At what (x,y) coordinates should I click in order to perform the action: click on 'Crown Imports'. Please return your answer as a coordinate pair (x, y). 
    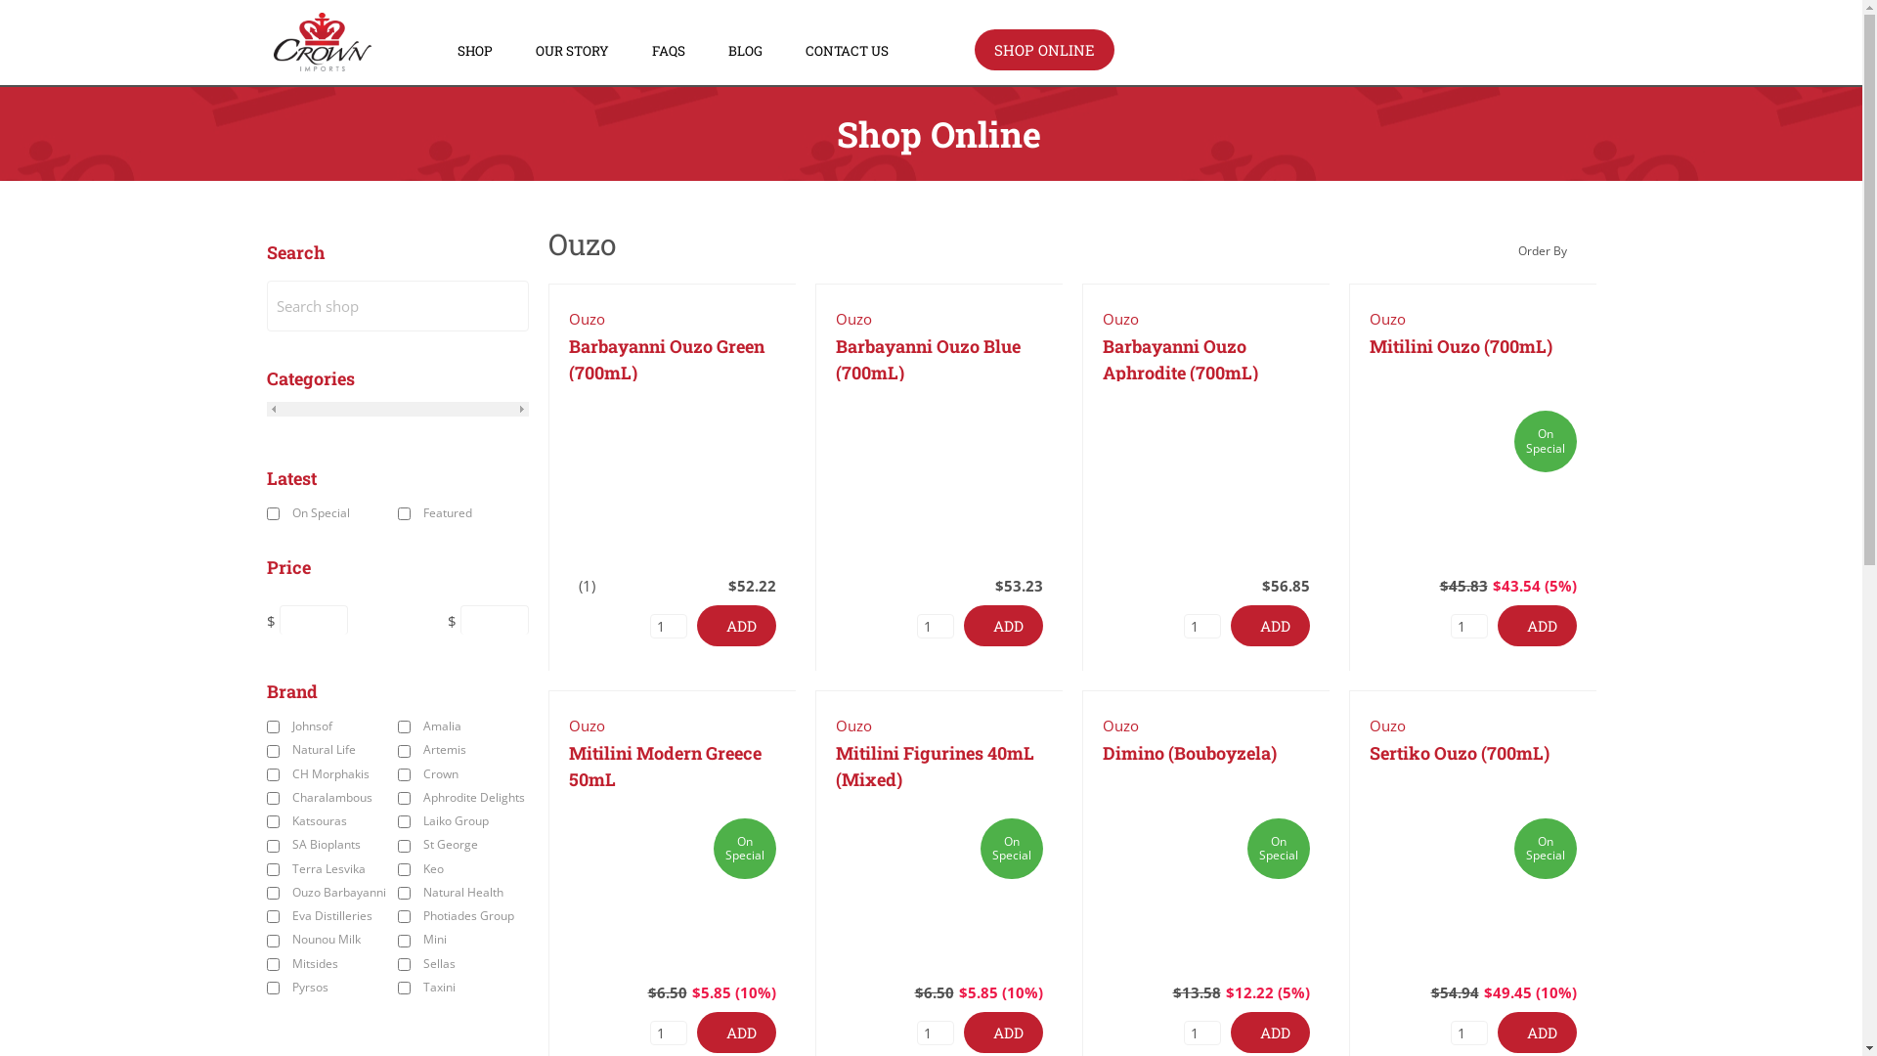
    Looking at the image, I should click on (323, 41).